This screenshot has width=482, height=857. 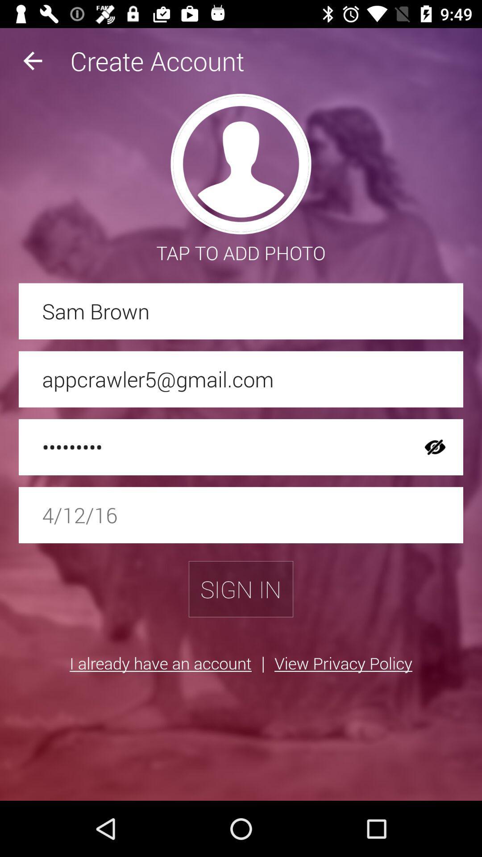 What do you see at coordinates (213, 447) in the screenshot?
I see `the crowd3116` at bounding box center [213, 447].